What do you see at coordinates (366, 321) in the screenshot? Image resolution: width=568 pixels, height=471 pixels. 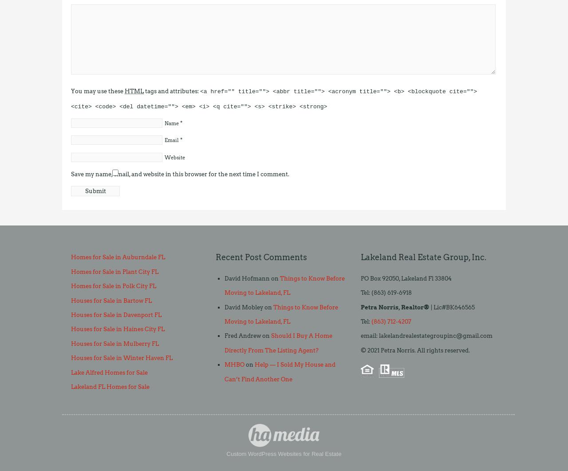 I see `'Tel:'` at bounding box center [366, 321].